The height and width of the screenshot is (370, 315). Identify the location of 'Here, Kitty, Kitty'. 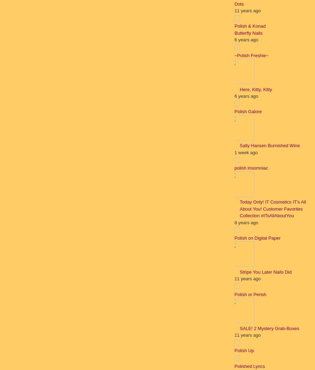
(255, 89).